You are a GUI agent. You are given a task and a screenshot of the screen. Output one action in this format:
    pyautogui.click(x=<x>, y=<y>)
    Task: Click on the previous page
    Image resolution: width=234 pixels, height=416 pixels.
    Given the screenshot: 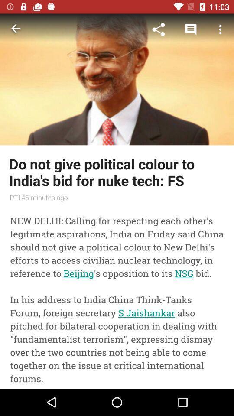 What is the action you would take?
    pyautogui.click(x=16, y=29)
    